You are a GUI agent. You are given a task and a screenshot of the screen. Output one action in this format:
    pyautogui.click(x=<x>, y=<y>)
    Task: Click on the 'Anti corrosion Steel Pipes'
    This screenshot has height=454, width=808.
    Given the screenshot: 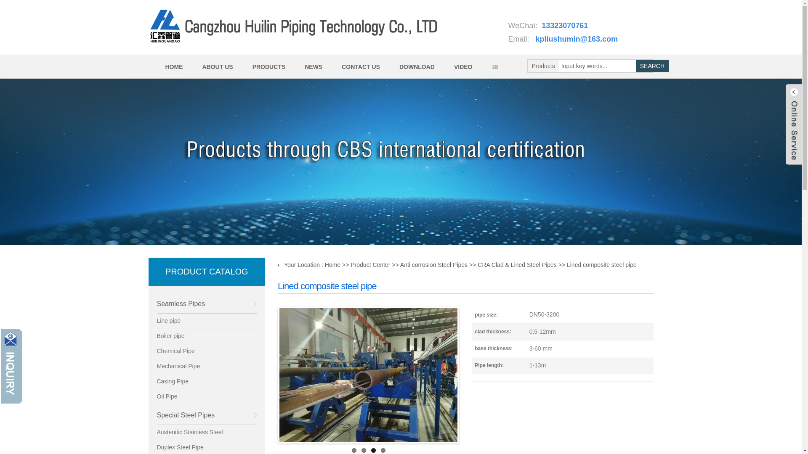 What is the action you would take?
    pyautogui.click(x=399, y=264)
    